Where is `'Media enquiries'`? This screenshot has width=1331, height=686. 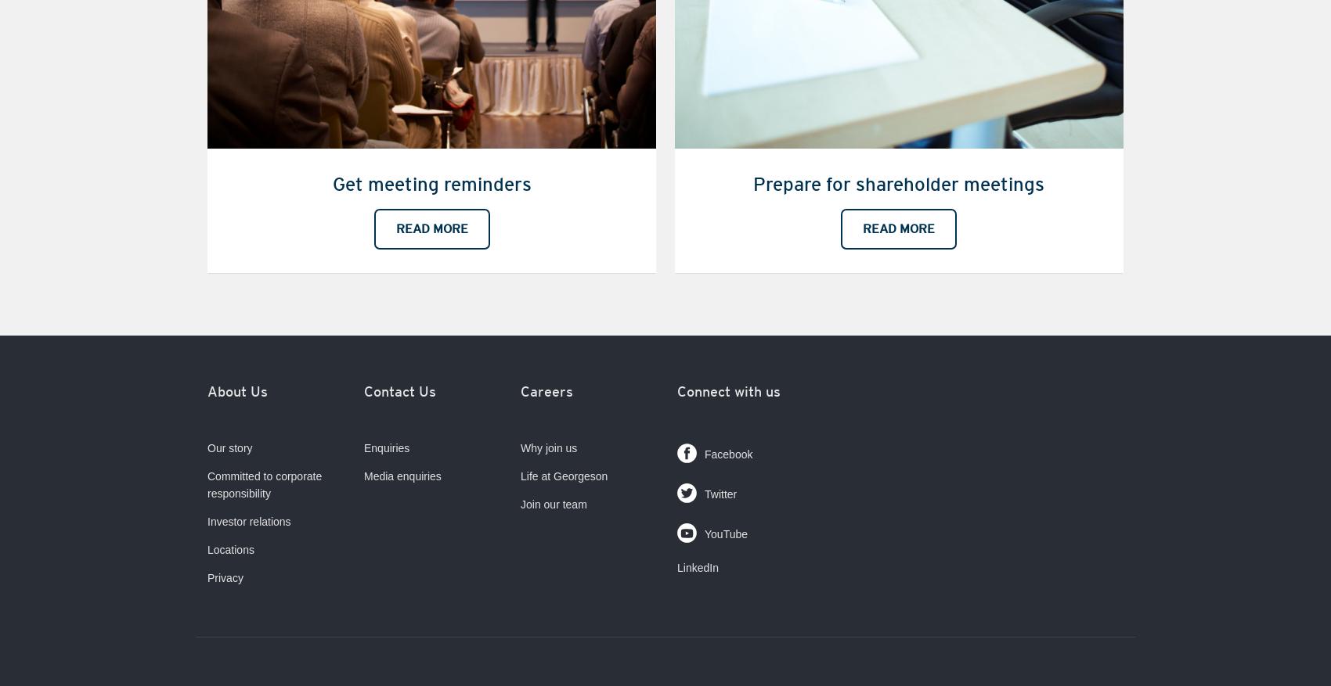 'Media enquiries' is located at coordinates (402, 475).